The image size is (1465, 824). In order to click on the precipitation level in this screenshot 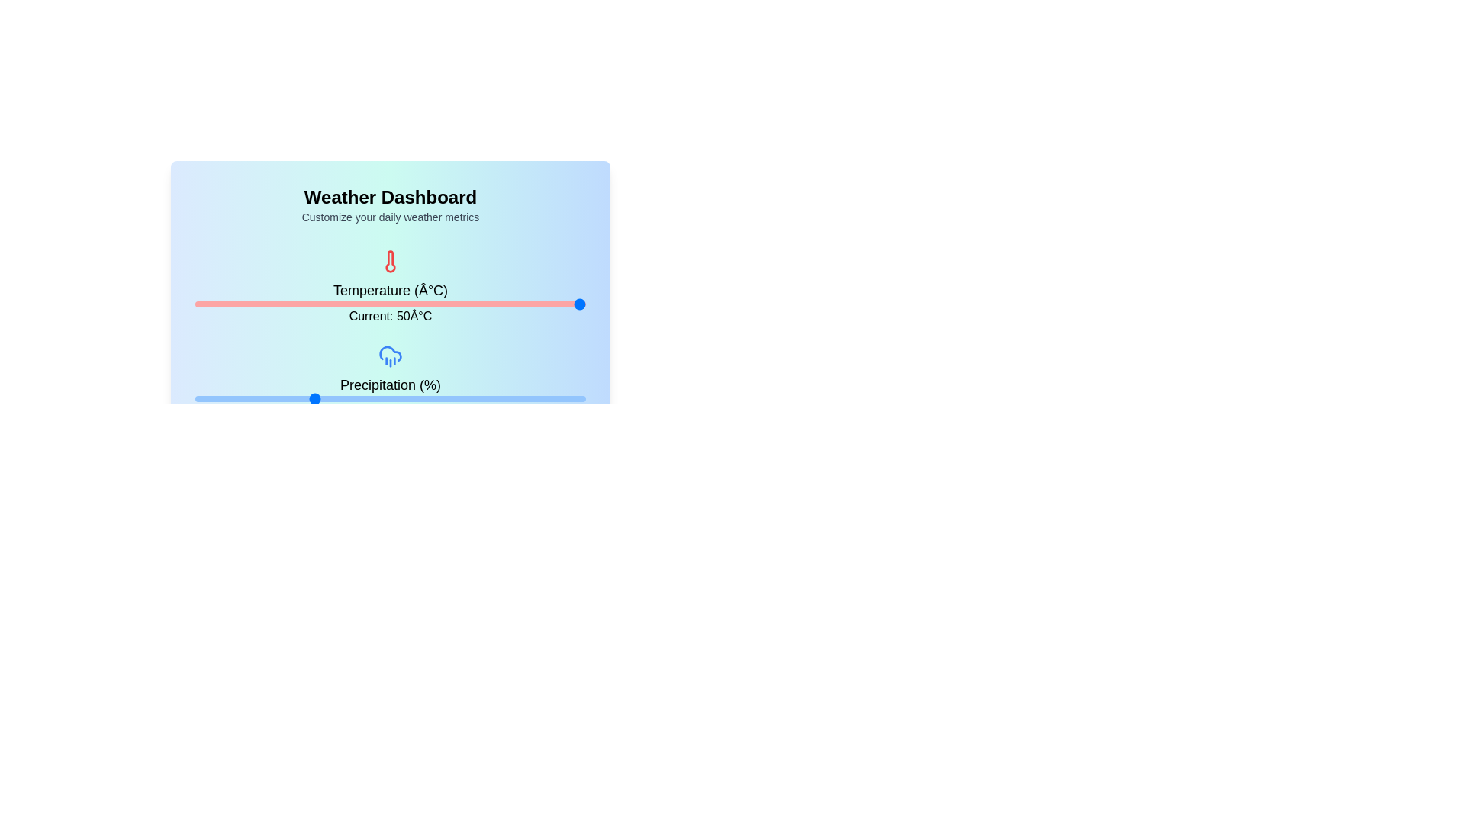, I will do `click(297, 398)`.